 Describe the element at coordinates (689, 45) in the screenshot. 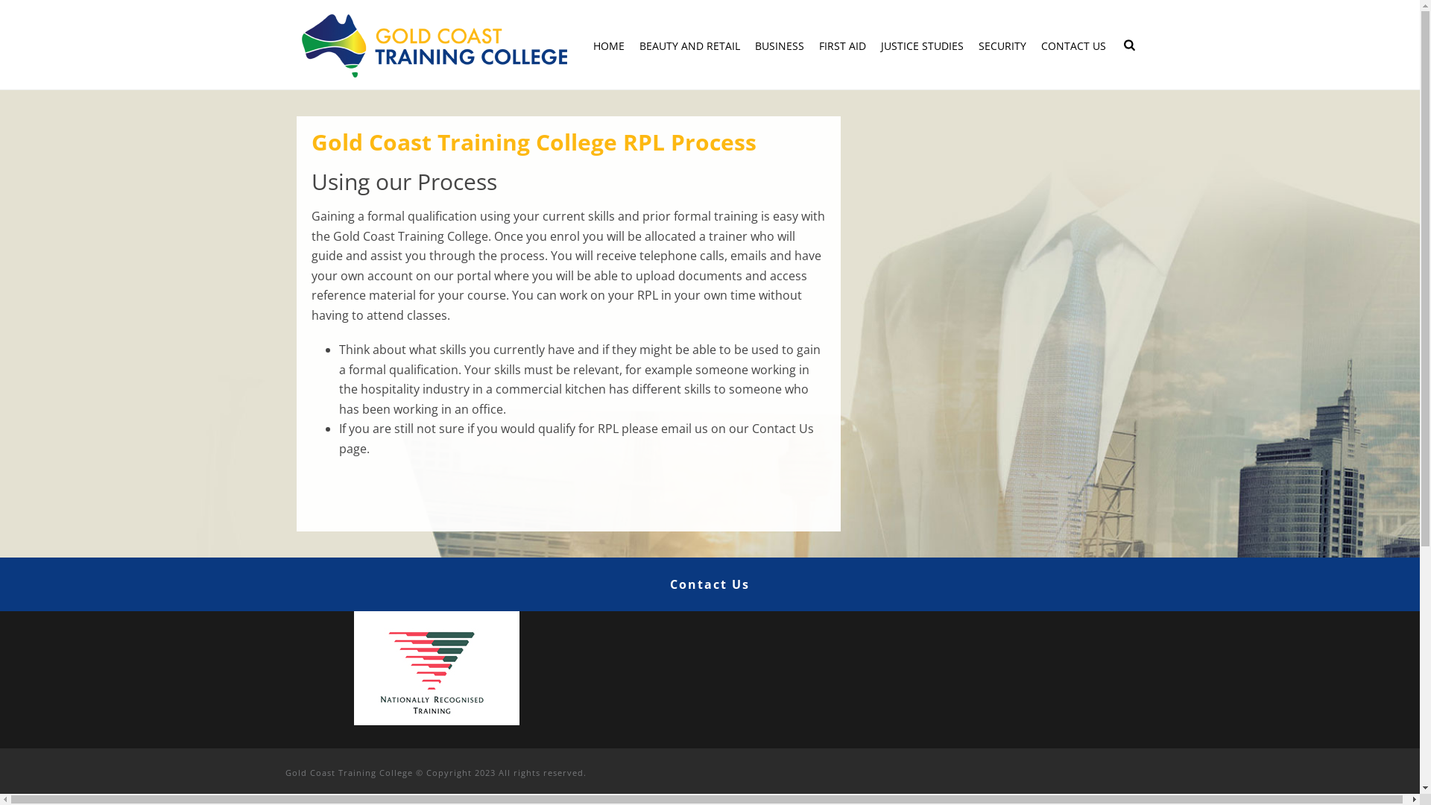

I see `'BEAUTY AND RETAIL'` at that location.